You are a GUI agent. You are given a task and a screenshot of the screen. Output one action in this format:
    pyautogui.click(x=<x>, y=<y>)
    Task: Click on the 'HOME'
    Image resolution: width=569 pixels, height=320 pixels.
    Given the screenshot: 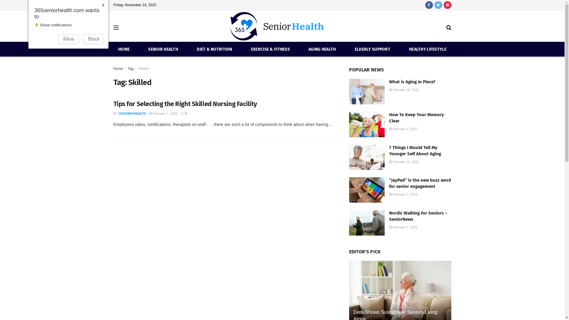 What is the action you would take?
    pyautogui.click(x=118, y=49)
    